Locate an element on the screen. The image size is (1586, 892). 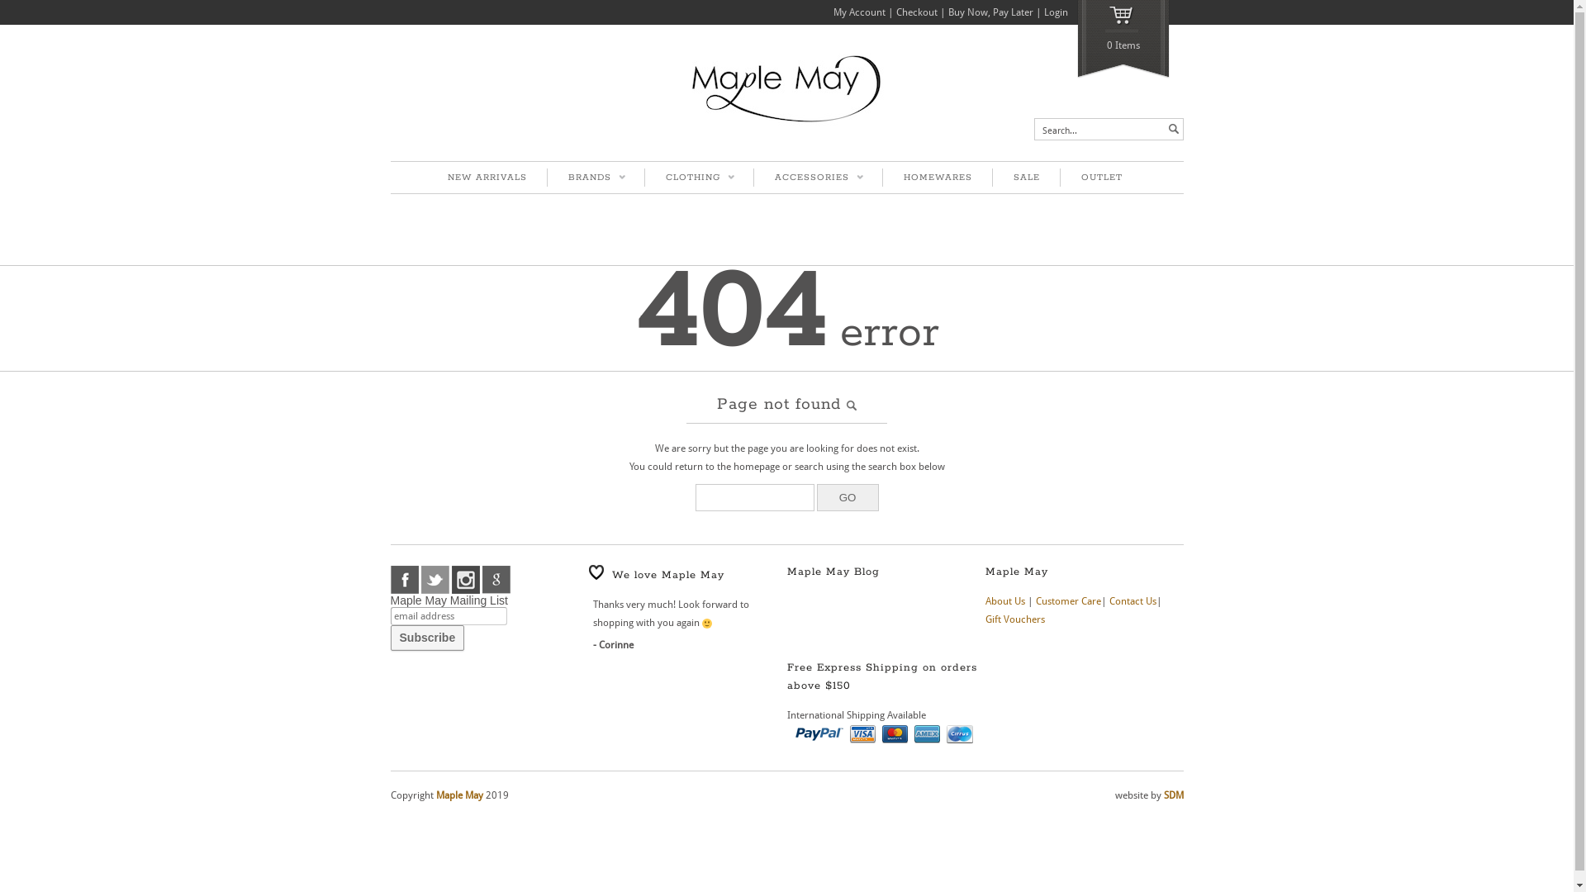
'GO' is located at coordinates (847, 496).